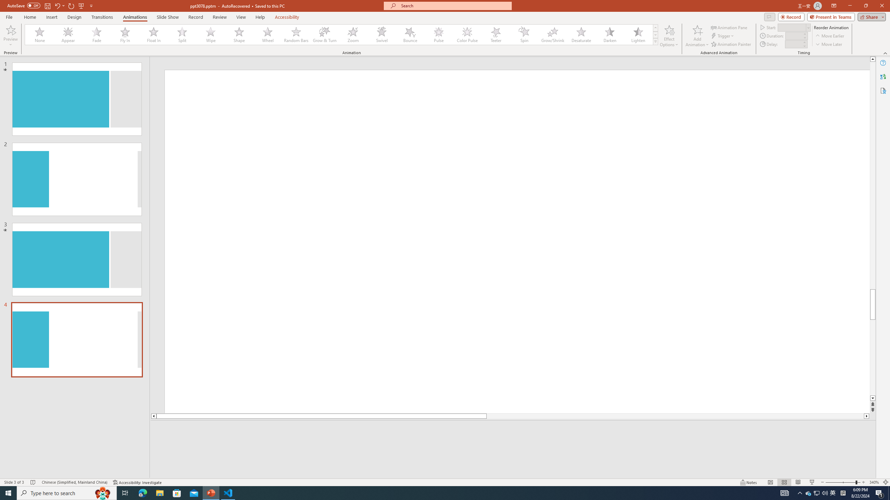  What do you see at coordinates (609, 34) in the screenshot?
I see `'Darken'` at bounding box center [609, 34].